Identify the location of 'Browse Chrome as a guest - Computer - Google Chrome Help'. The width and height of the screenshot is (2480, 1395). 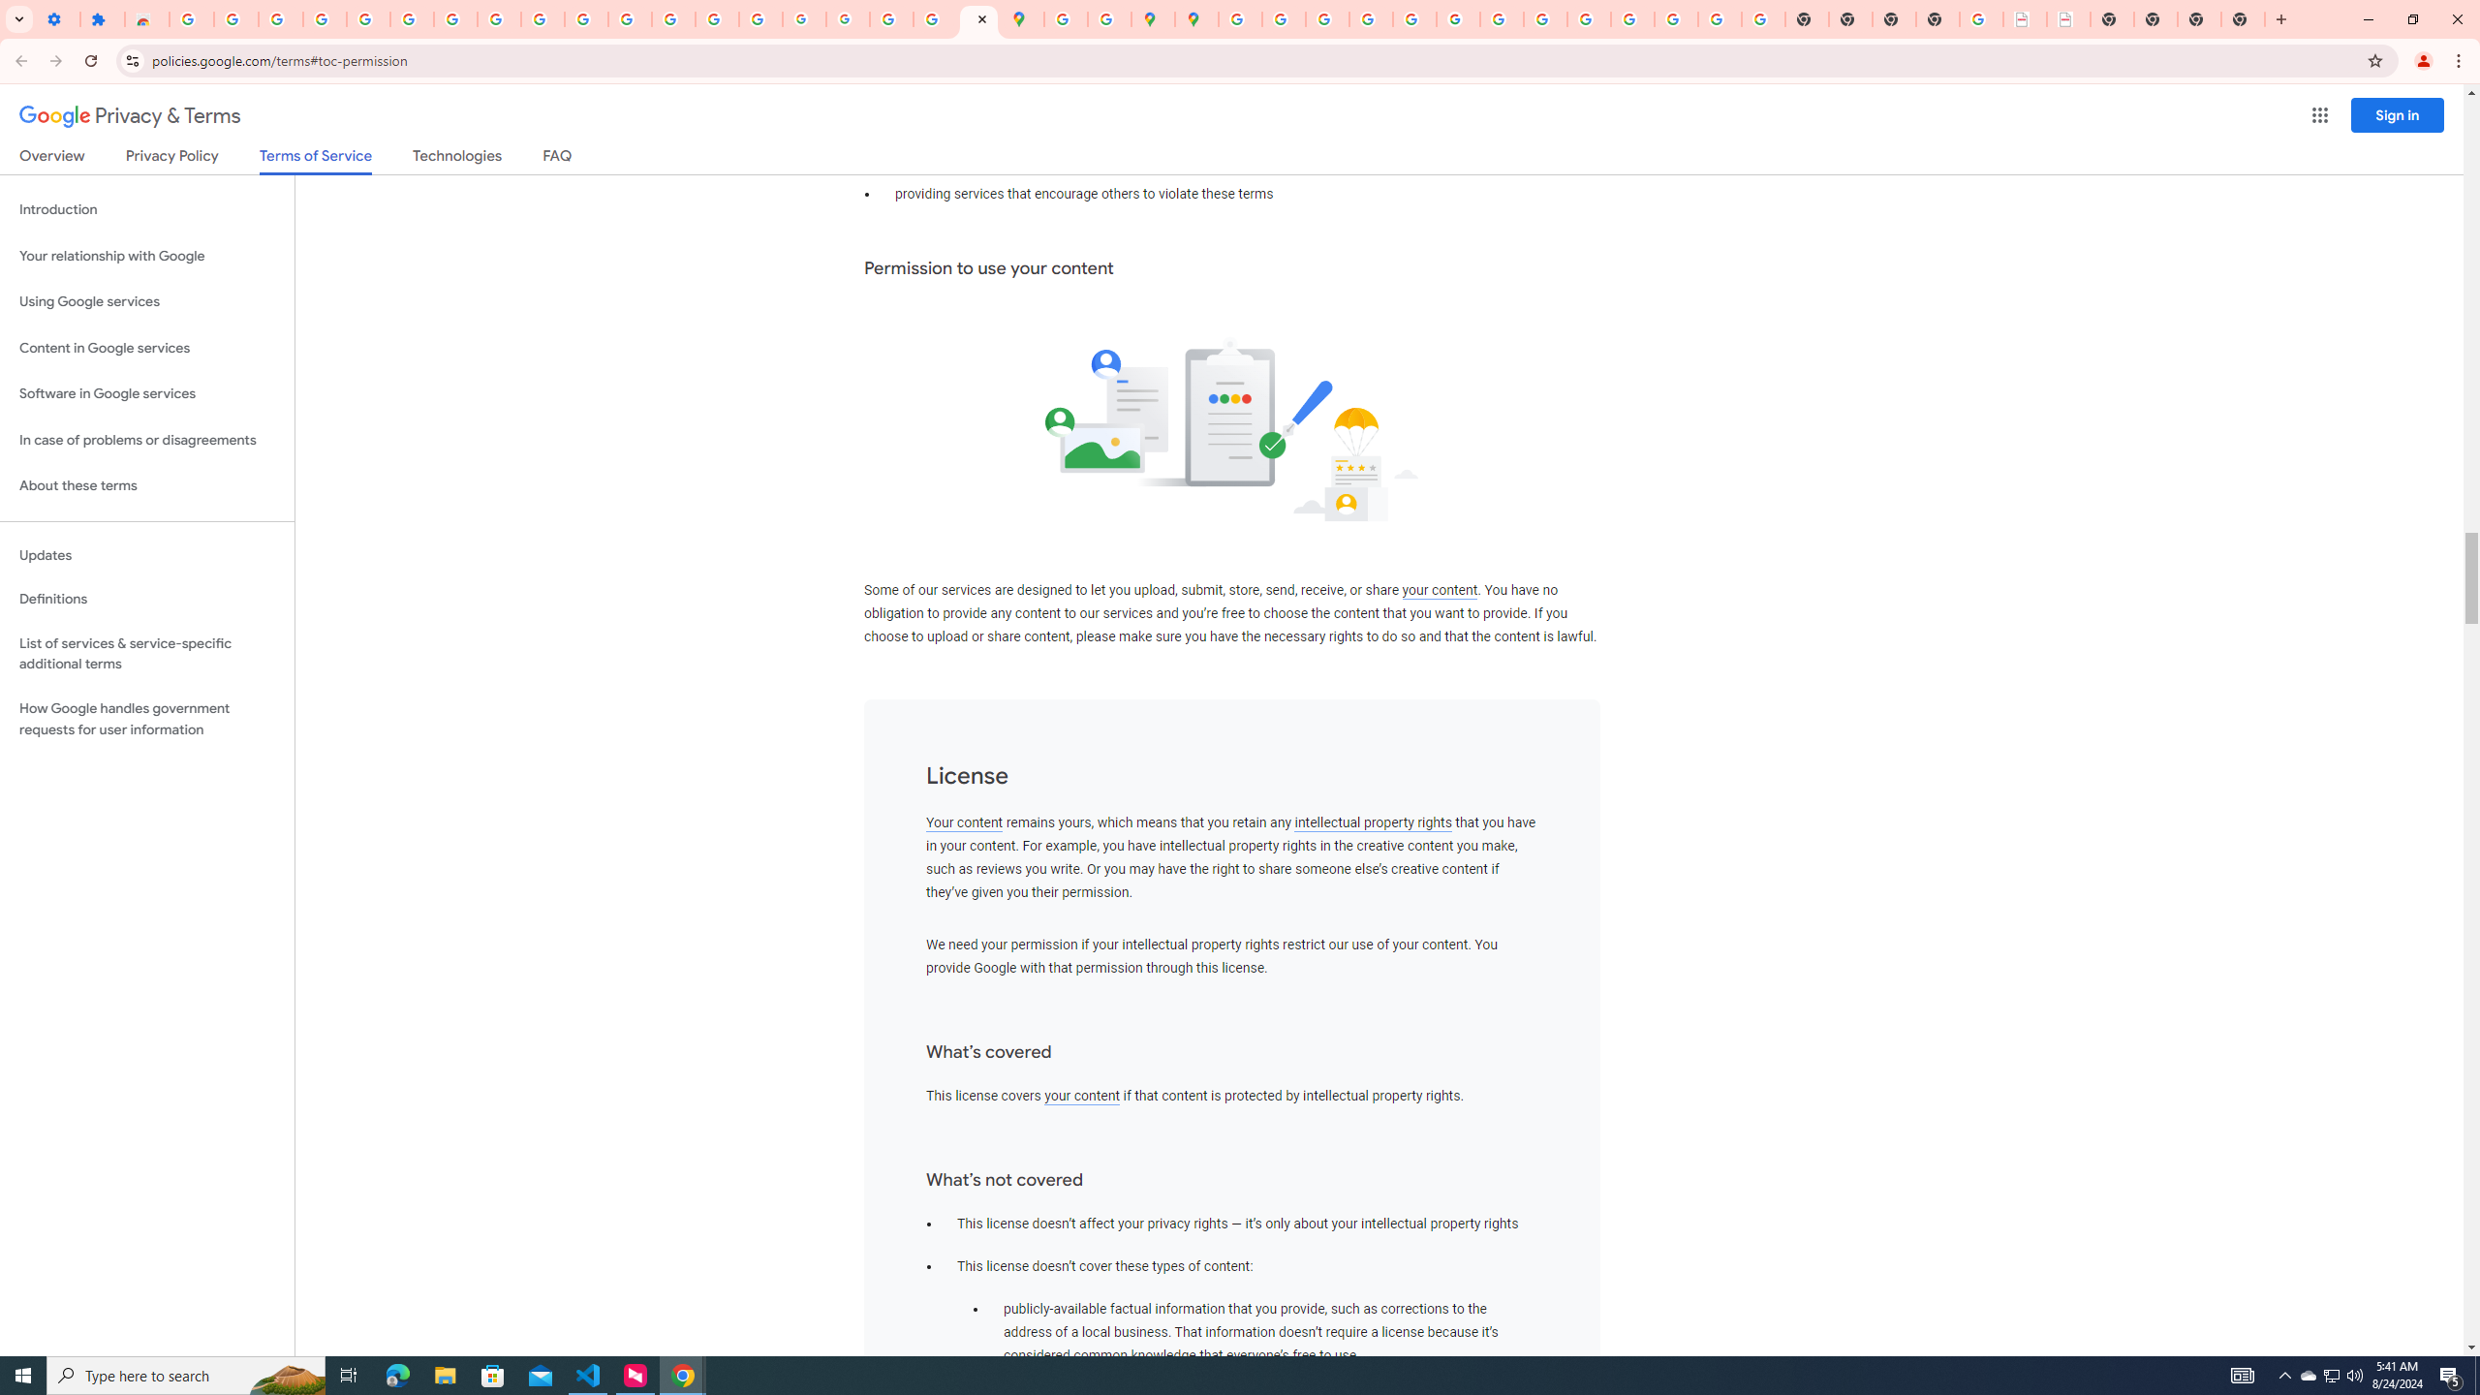
(1545, 18).